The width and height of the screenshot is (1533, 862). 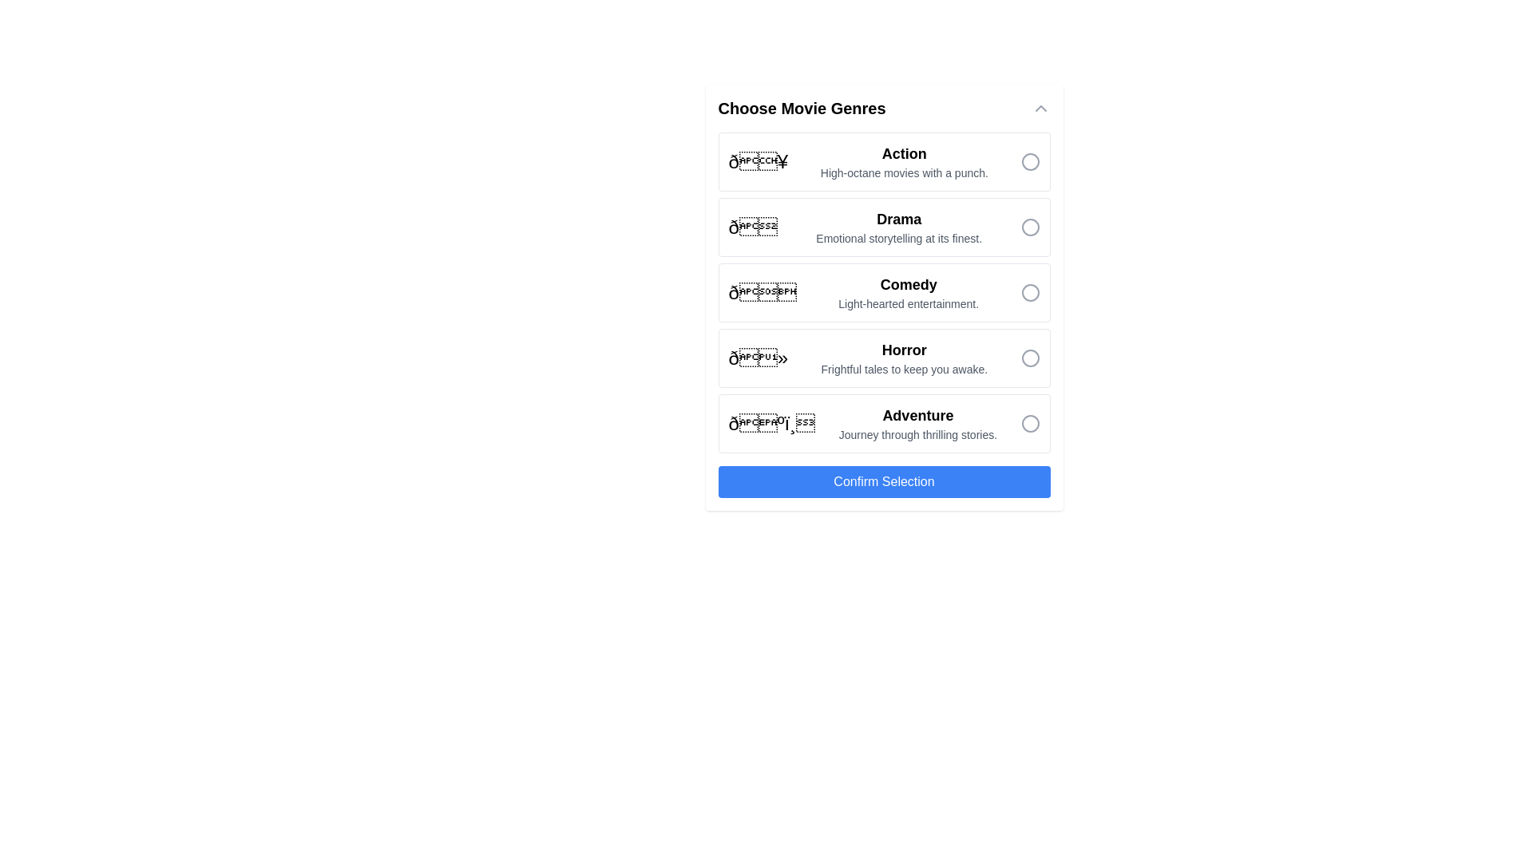 What do you see at coordinates (1030, 227) in the screenshot?
I see `the radio button for the 'Drama' genre` at bounding box center [1030, 227].